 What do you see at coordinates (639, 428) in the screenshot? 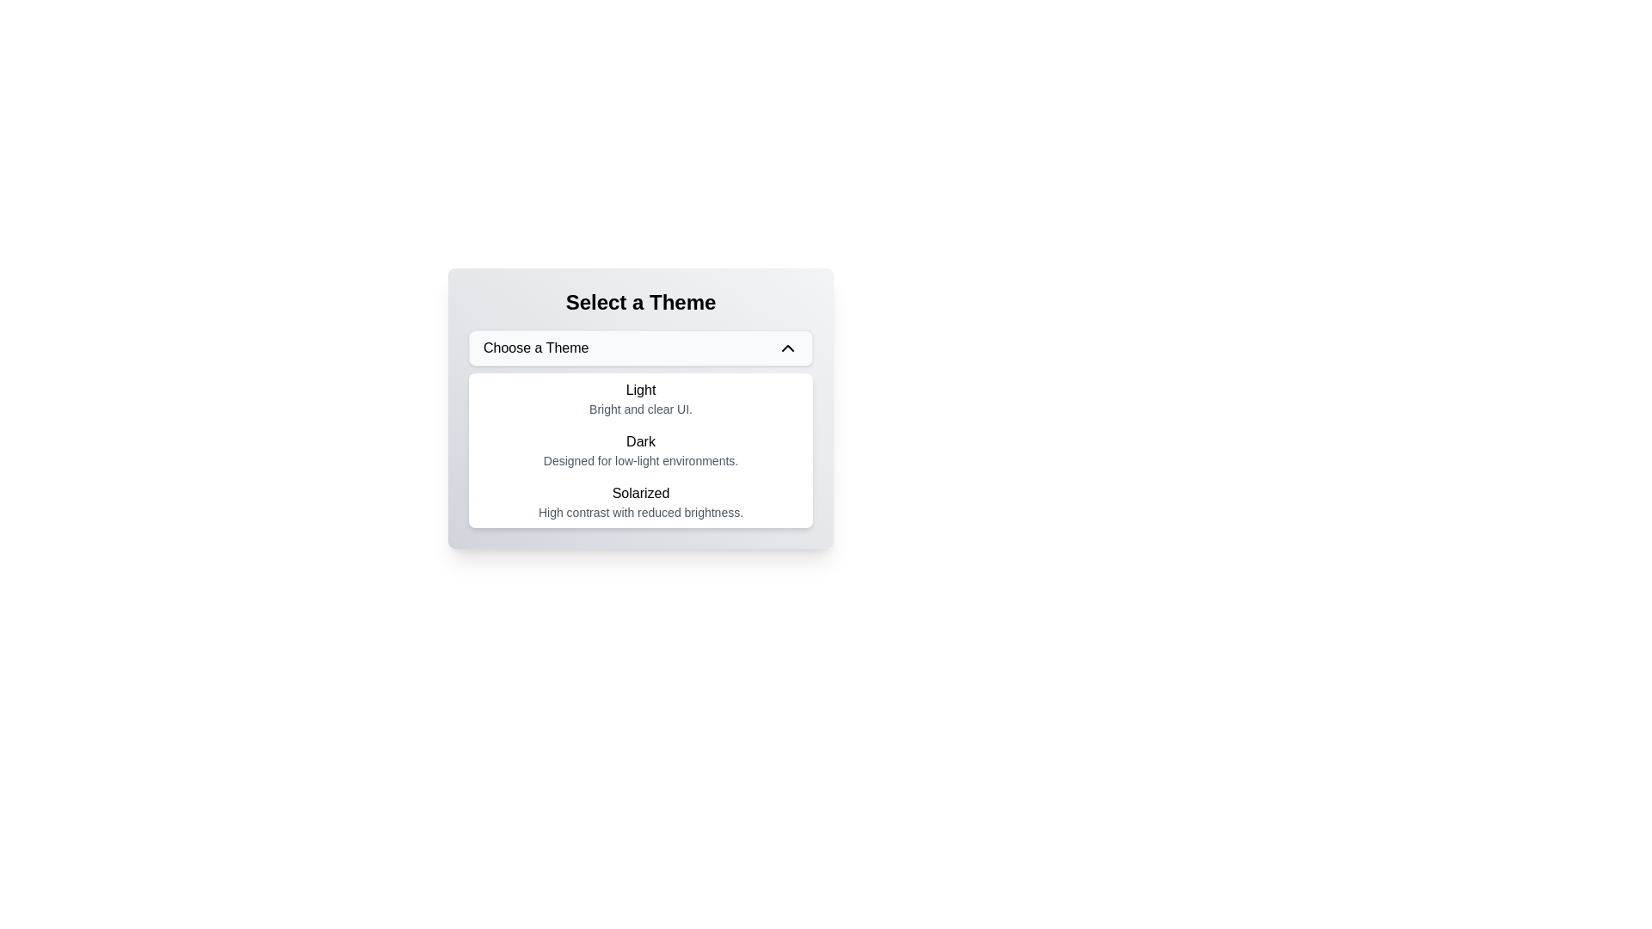
I see `the Dropdown menu located in the 'Select a Theme' box` at bounding box center [639, 428].